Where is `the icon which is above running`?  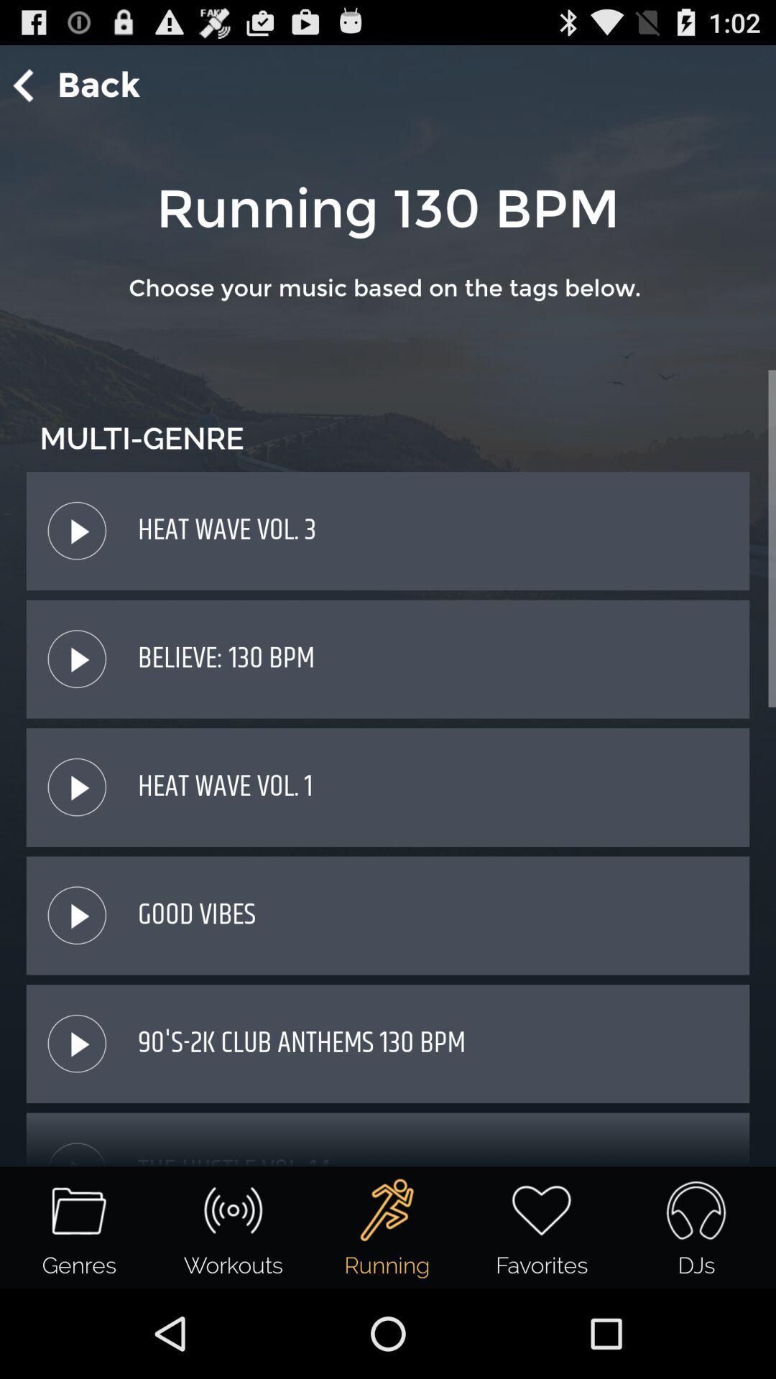
the icon which is above running is located at coordinates (387, 1209).